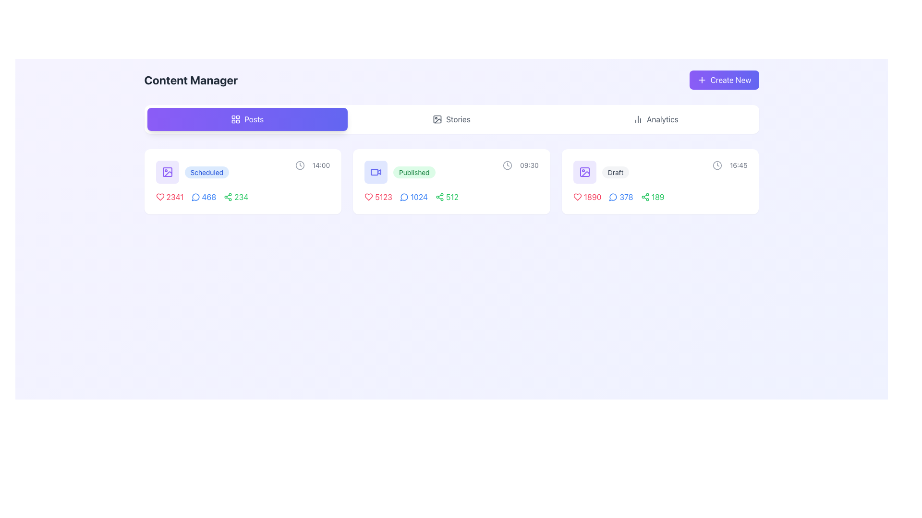 Image resolution: width=922 pixels, height=518 pixels. Describe the element at coordinates (236, 119) in the screenshot. I see `the icon representing four small squares within the 'Posts' button in the top navigation bar` at that location.